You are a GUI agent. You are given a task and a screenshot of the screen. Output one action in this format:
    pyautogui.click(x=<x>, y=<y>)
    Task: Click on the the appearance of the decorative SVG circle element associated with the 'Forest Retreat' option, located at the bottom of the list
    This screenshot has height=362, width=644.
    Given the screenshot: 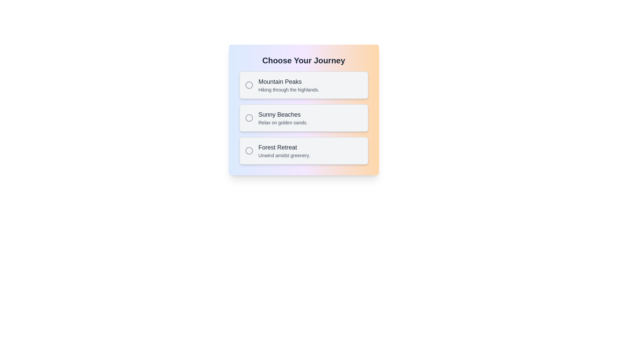 What is the action you would take?
    pyautogui.click(x=249, y=151)
    